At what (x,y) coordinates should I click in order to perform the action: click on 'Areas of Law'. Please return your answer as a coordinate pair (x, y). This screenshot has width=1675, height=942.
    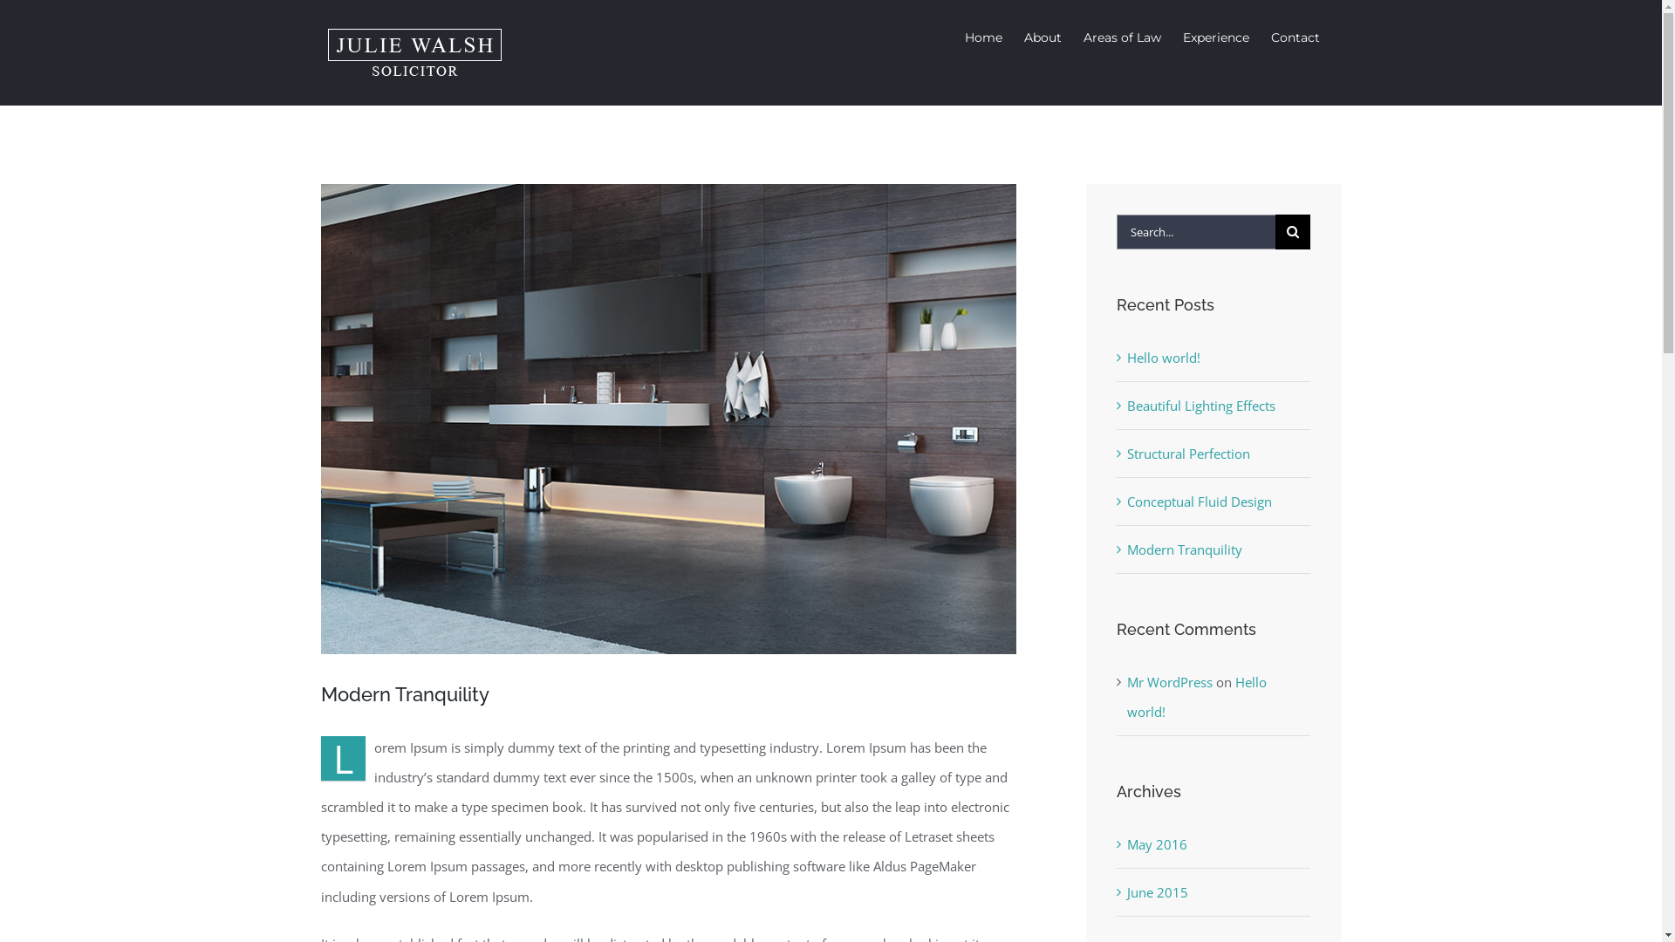
    Looking at the image, I should click on (1122, 37).